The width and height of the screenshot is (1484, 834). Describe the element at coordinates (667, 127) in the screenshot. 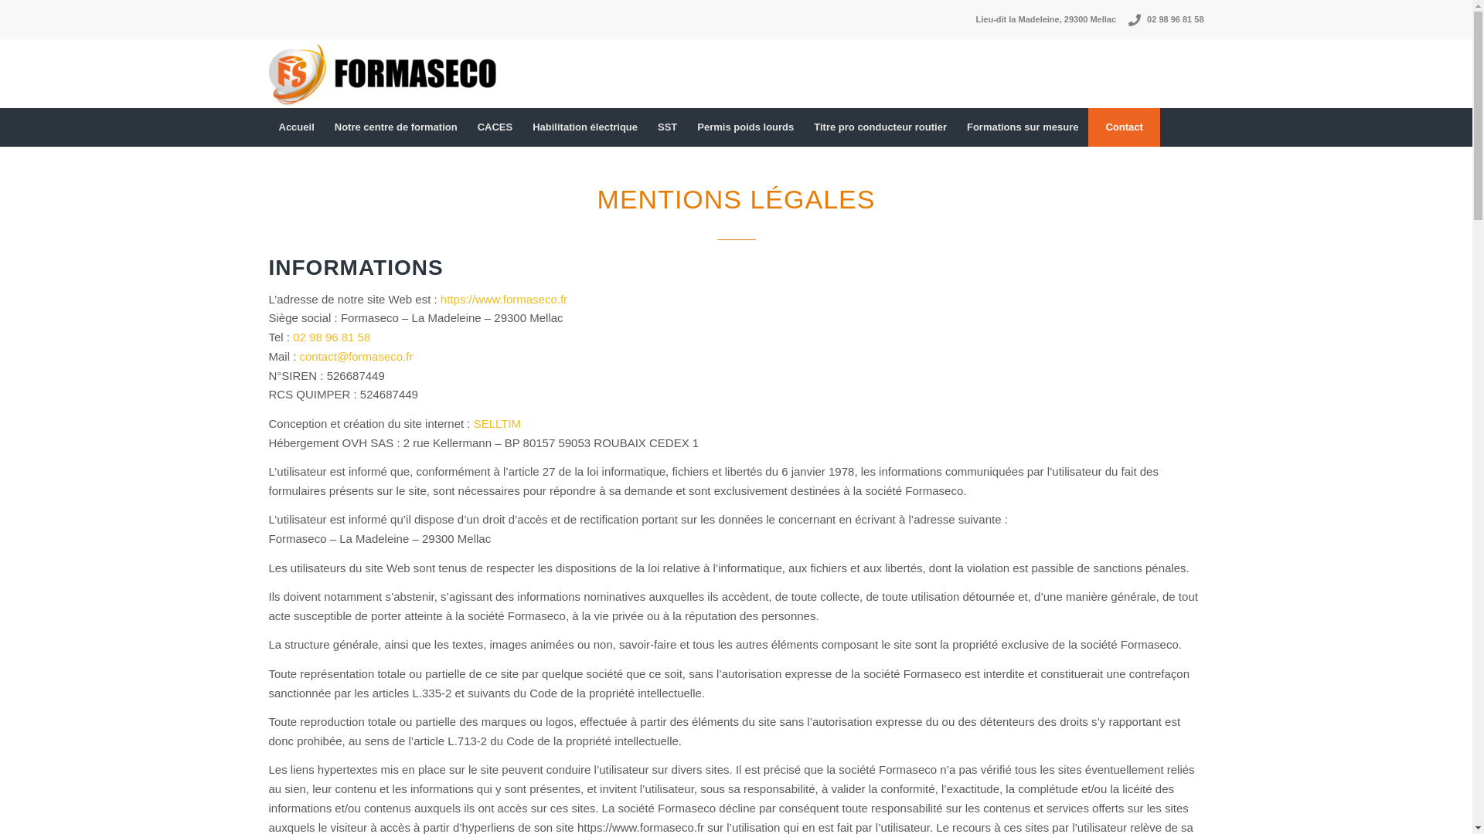

I see `'SST'` at that location.